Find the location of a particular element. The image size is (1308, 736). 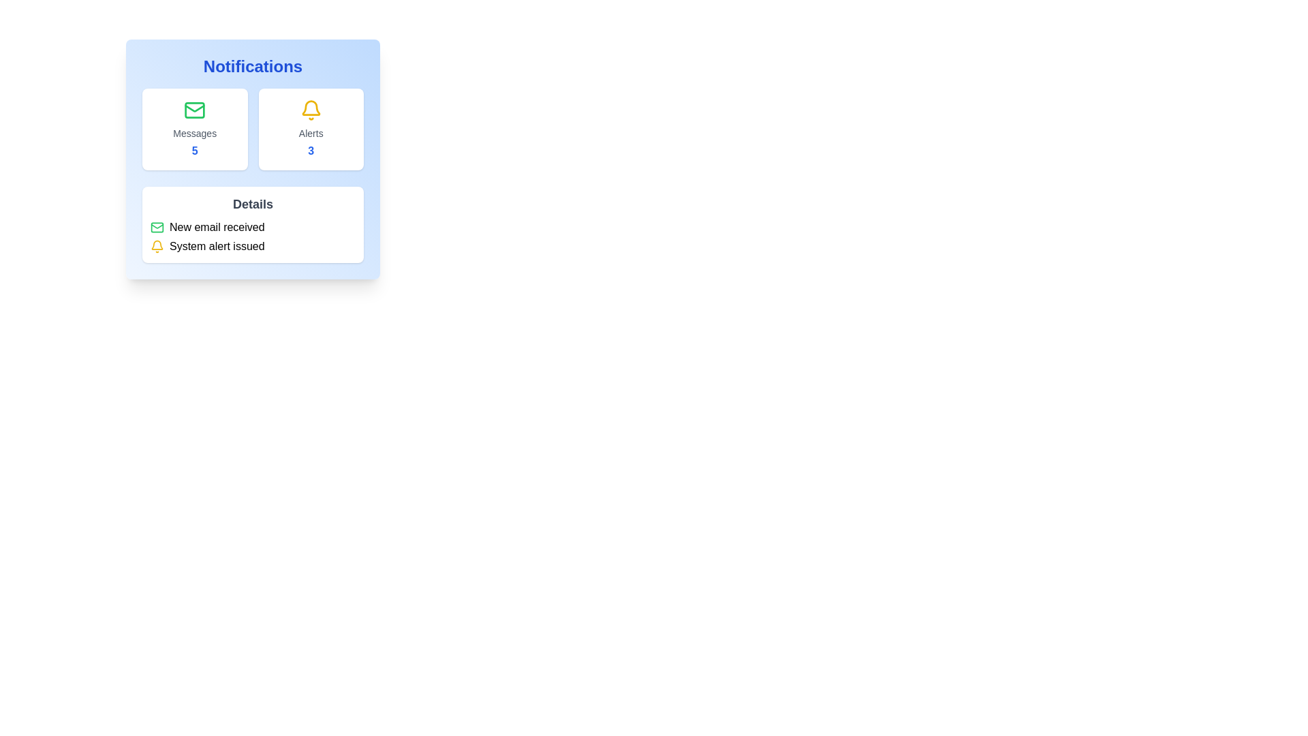

the first notification item in the notification list beneath the 'Details' heading to potentially open the email details is located at coordinates (253, 227).